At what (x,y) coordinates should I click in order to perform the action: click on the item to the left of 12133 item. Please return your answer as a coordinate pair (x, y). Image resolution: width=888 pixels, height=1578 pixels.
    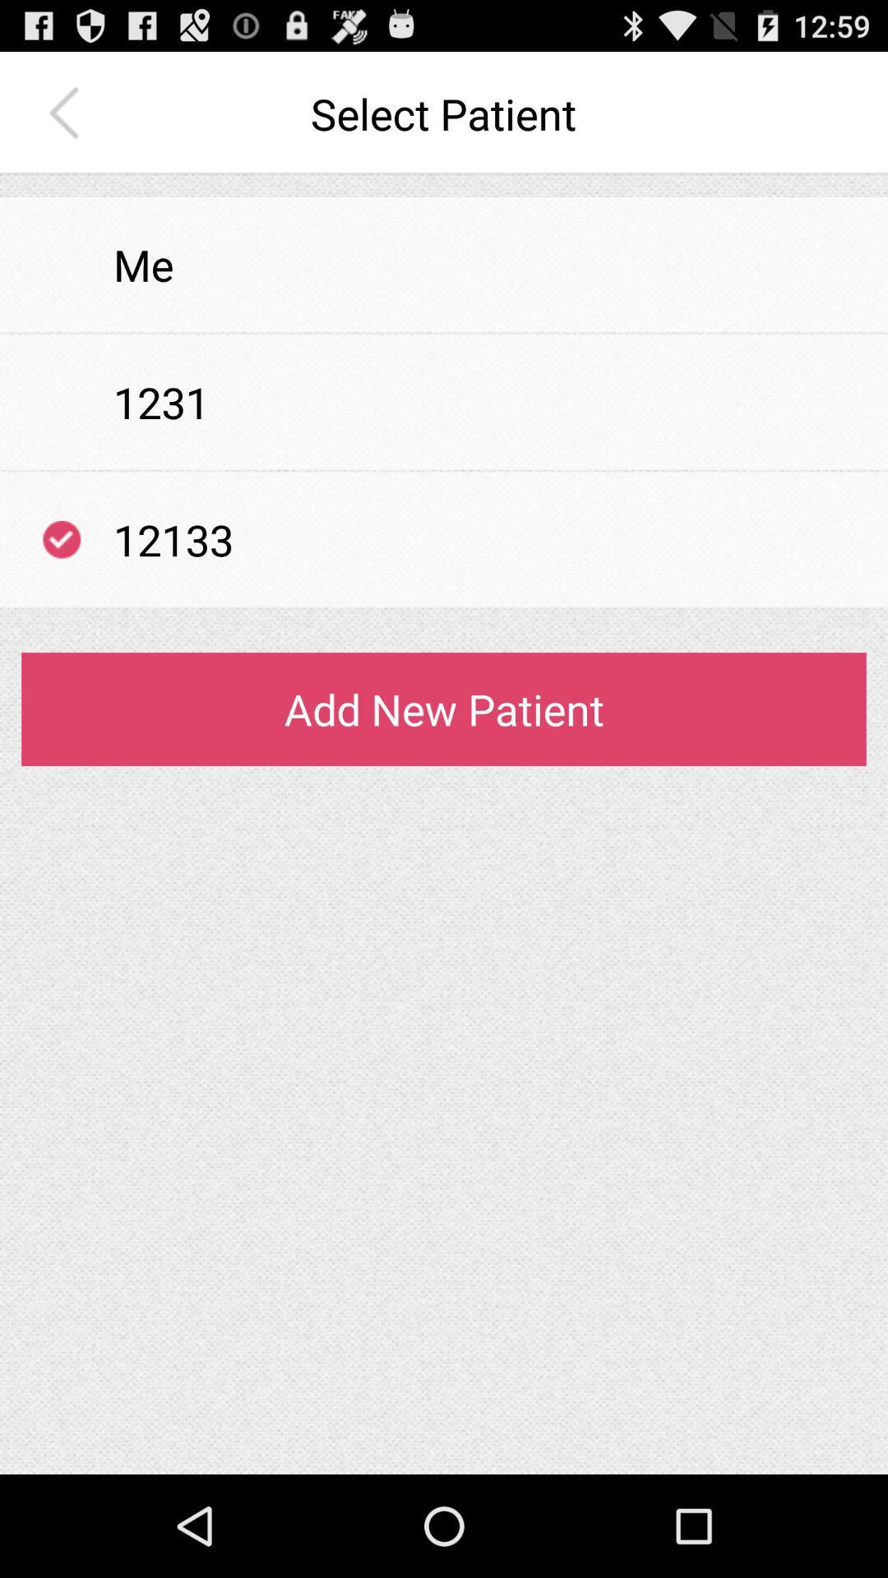
    Looking at the image, I should click on (61, 539).